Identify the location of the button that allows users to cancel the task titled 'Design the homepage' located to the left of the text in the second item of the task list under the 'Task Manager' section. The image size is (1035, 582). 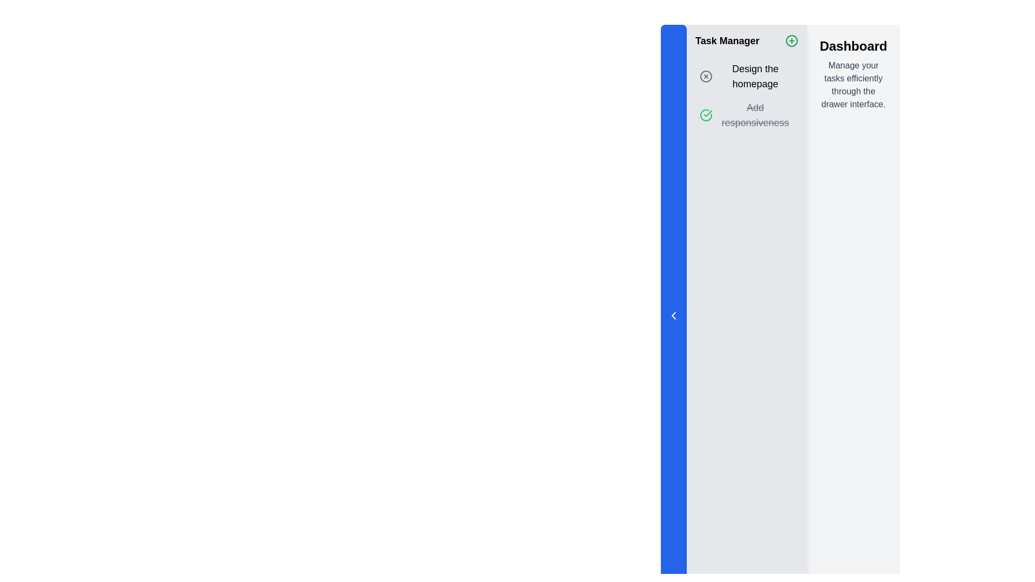
(706, 76).